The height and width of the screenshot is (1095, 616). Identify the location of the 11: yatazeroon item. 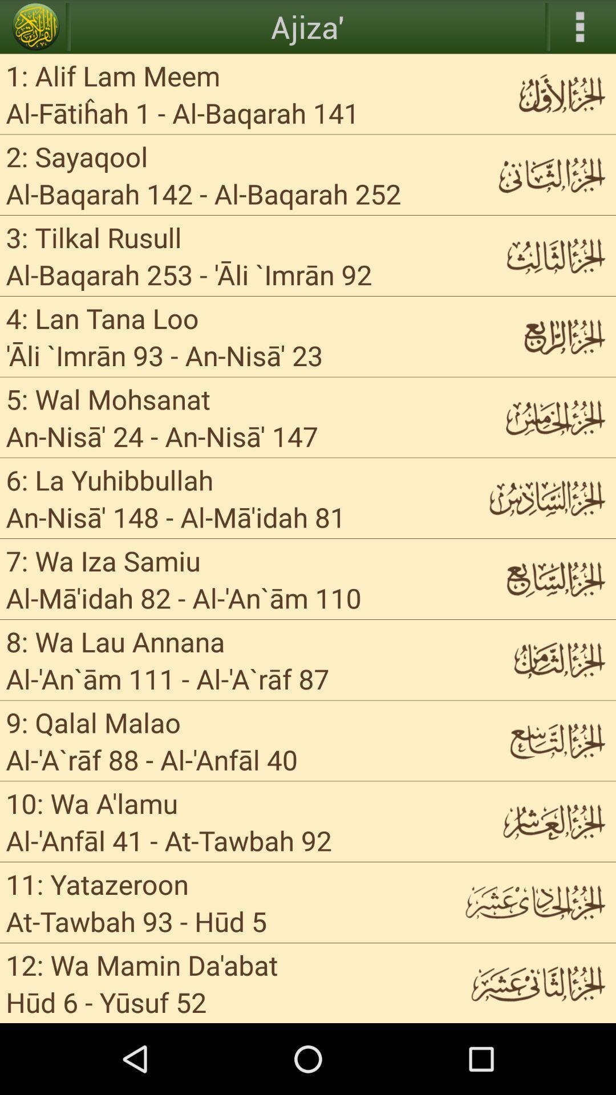
(96, 883).